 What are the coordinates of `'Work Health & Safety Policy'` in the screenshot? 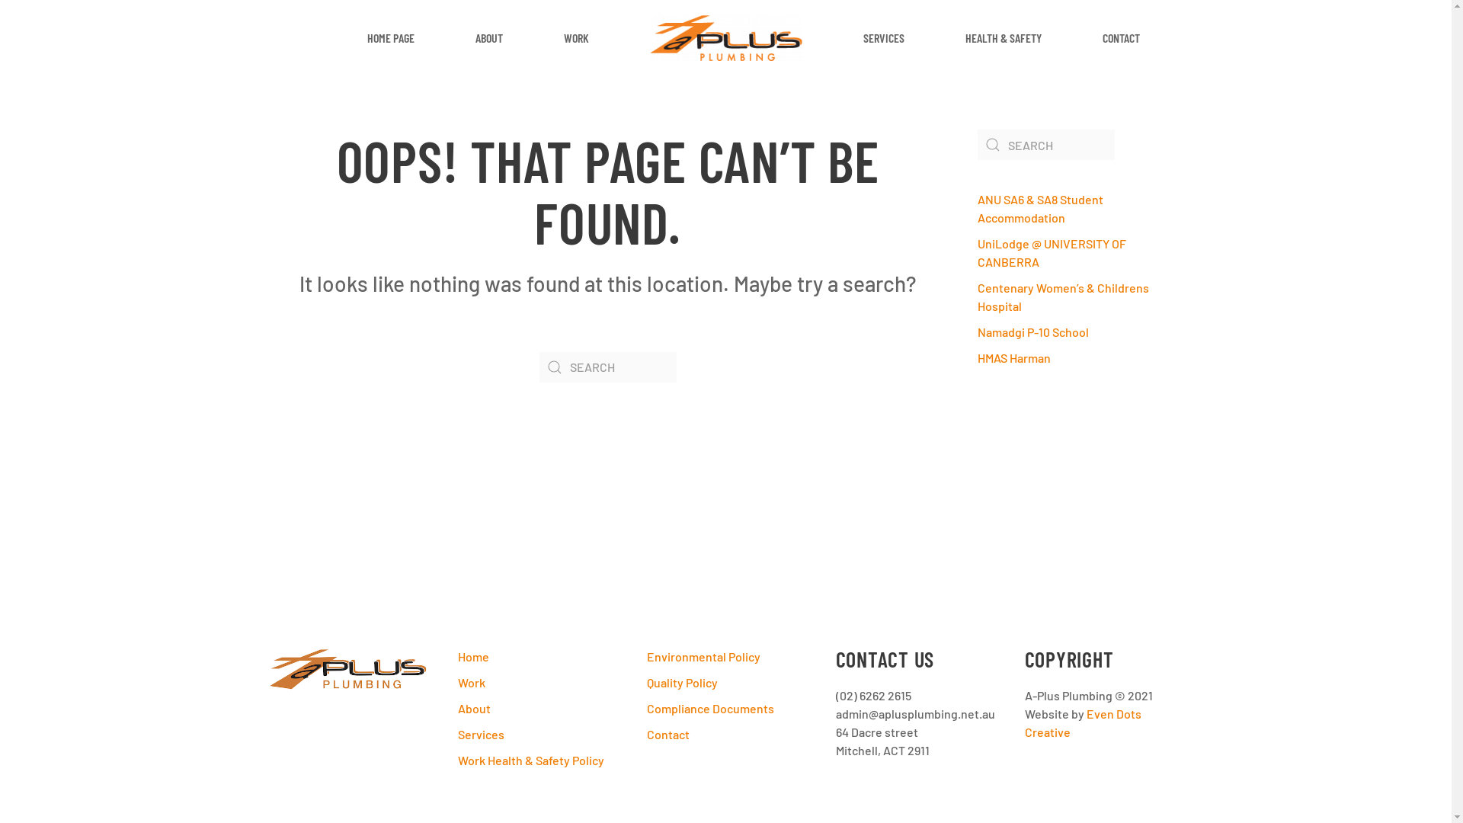 It's located at (536, 761).